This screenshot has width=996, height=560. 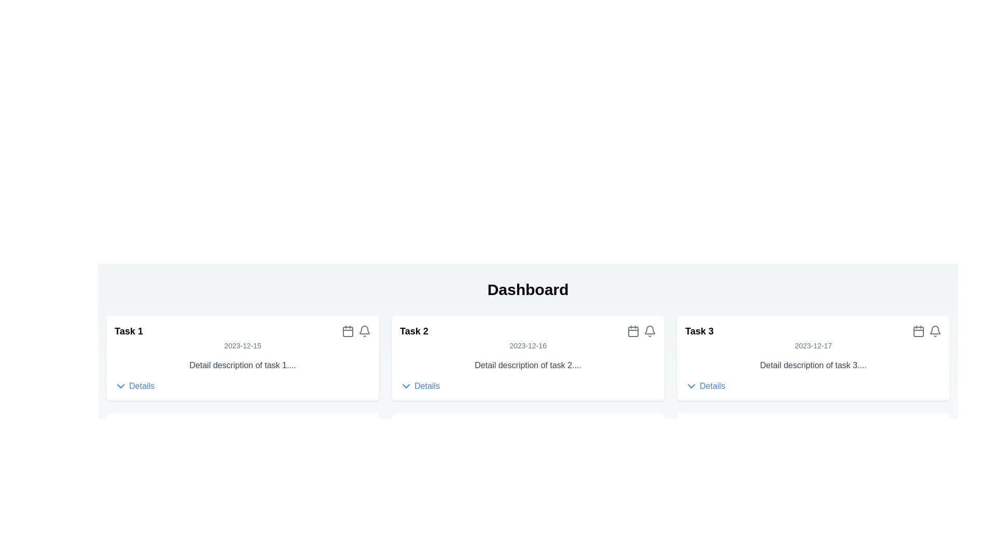 What do you see at coordinates (704, 386) in the screenshot?
I see `the button with text and icon located at the bottom section of the 'Task 3' panel` at bounding box center [704, 386].